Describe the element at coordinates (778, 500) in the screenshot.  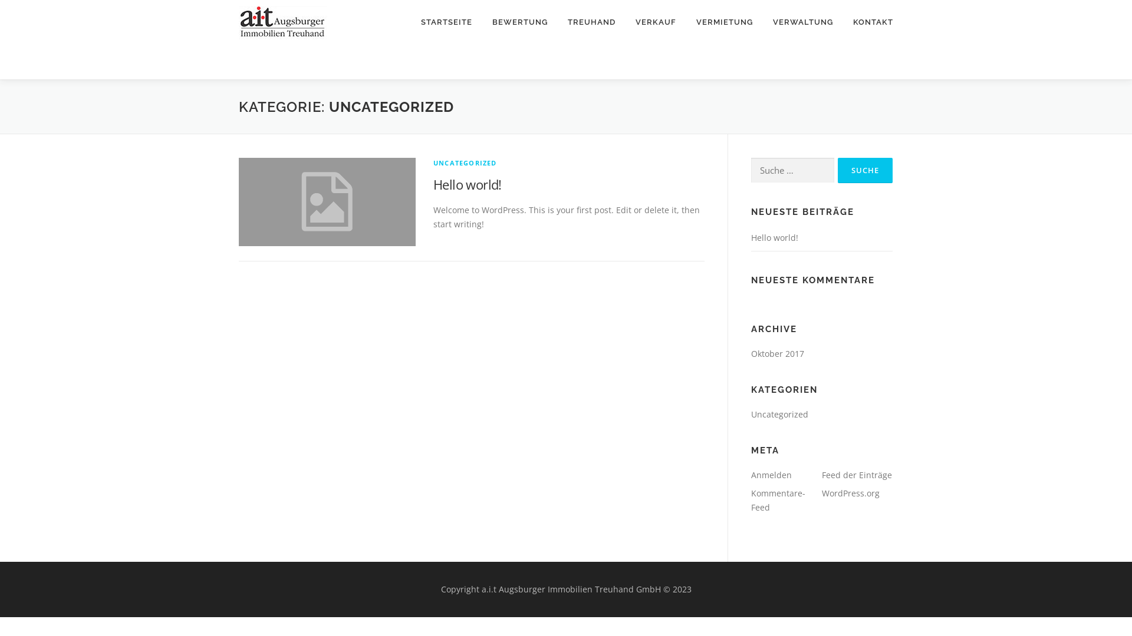
I see `'Kommentare-Feed'` at that location.